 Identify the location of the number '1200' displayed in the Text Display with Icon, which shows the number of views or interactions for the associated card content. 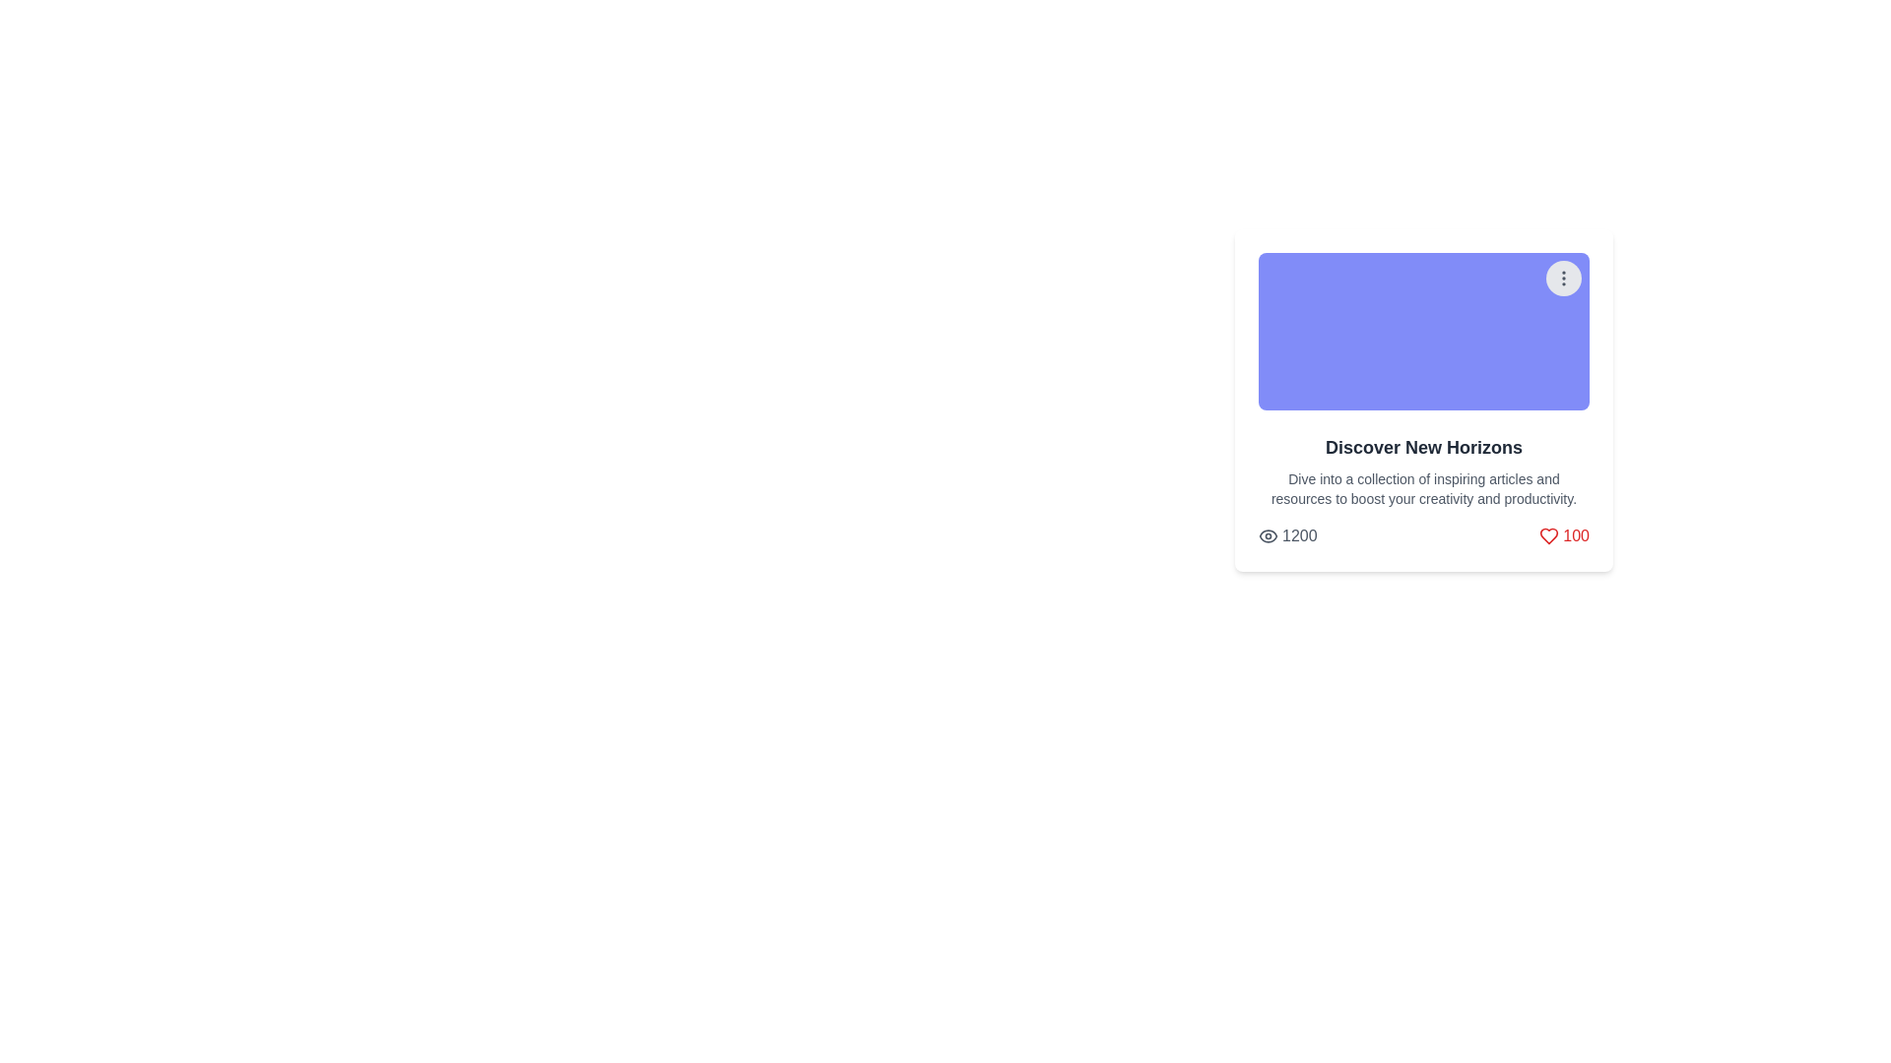
(1287, 535).